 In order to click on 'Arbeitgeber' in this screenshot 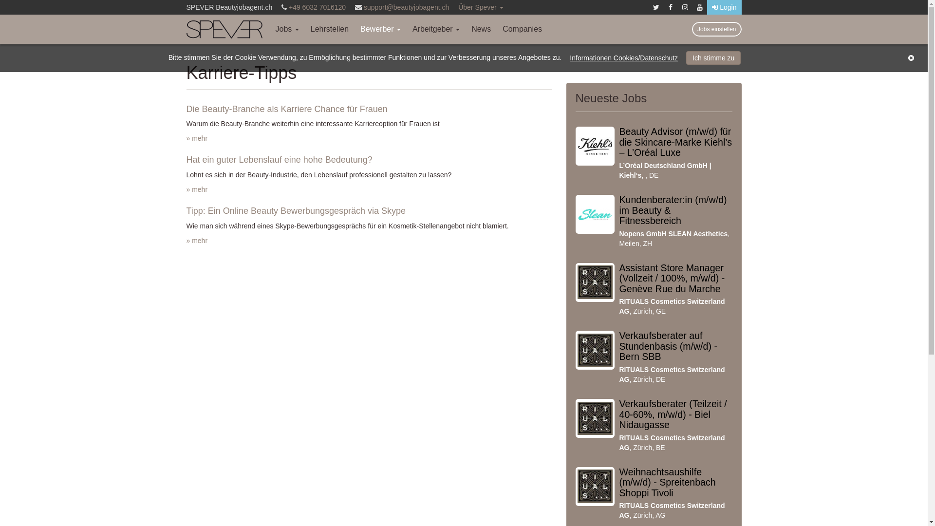, I will do `click(435, 29)`.